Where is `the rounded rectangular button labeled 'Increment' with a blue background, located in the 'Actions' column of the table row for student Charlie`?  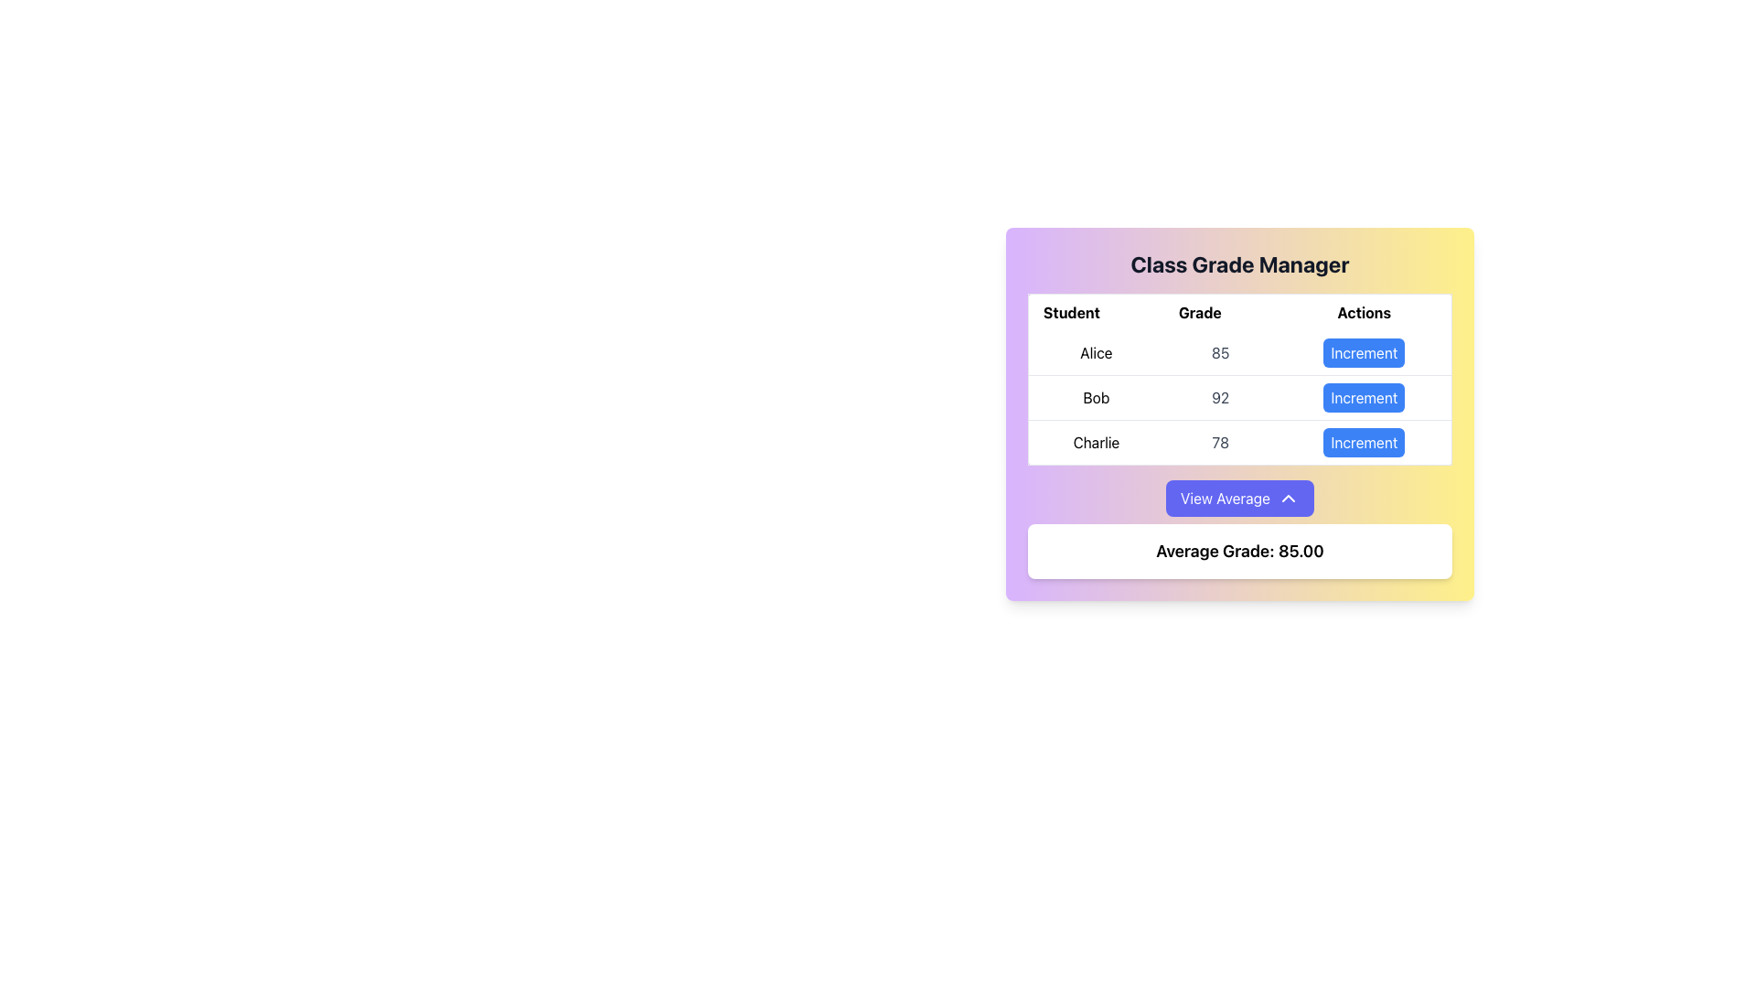 the rounded rectangular button labeled 'Increment' with a blue background, located in the 'Actions' column of the table row for student Charlie is located at coordinates (1365, 442).